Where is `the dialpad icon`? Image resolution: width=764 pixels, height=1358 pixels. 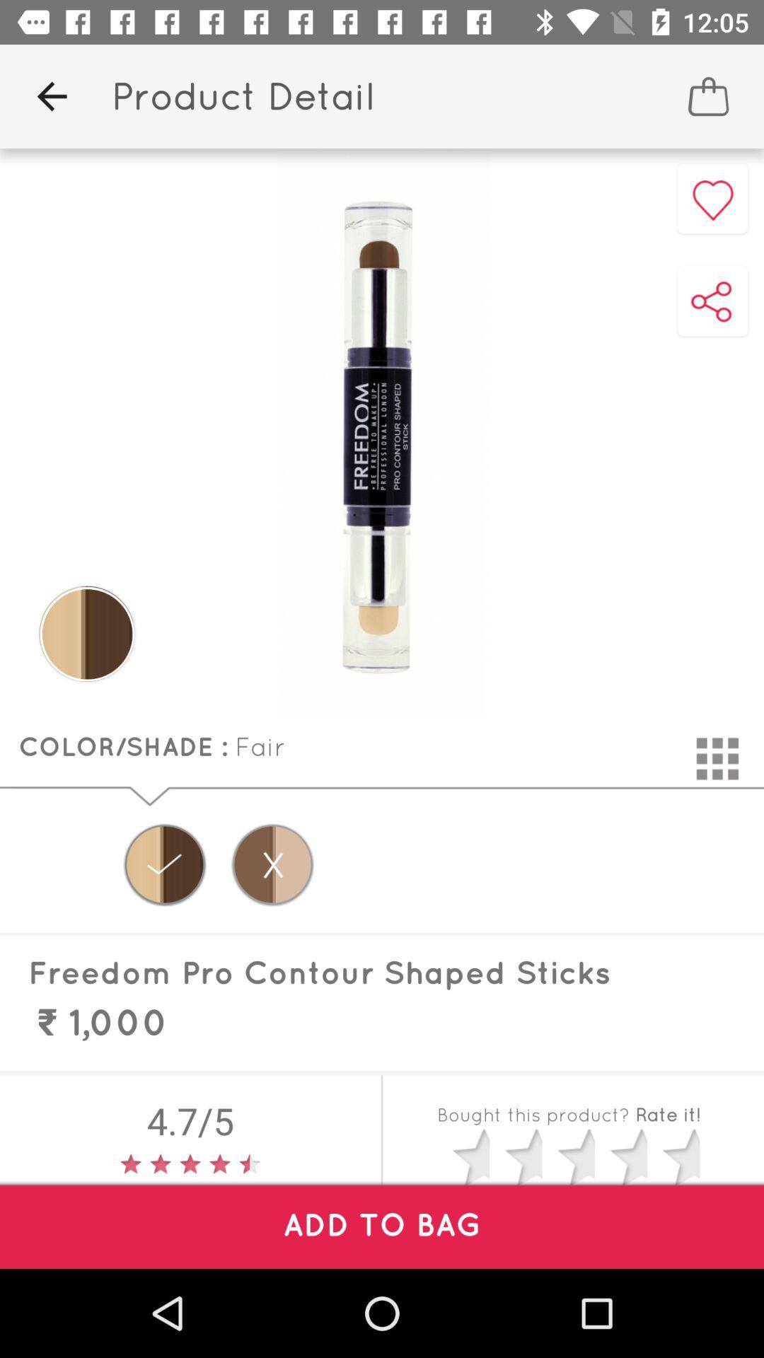 the dialpad icon is located at coordinates (717, 758).